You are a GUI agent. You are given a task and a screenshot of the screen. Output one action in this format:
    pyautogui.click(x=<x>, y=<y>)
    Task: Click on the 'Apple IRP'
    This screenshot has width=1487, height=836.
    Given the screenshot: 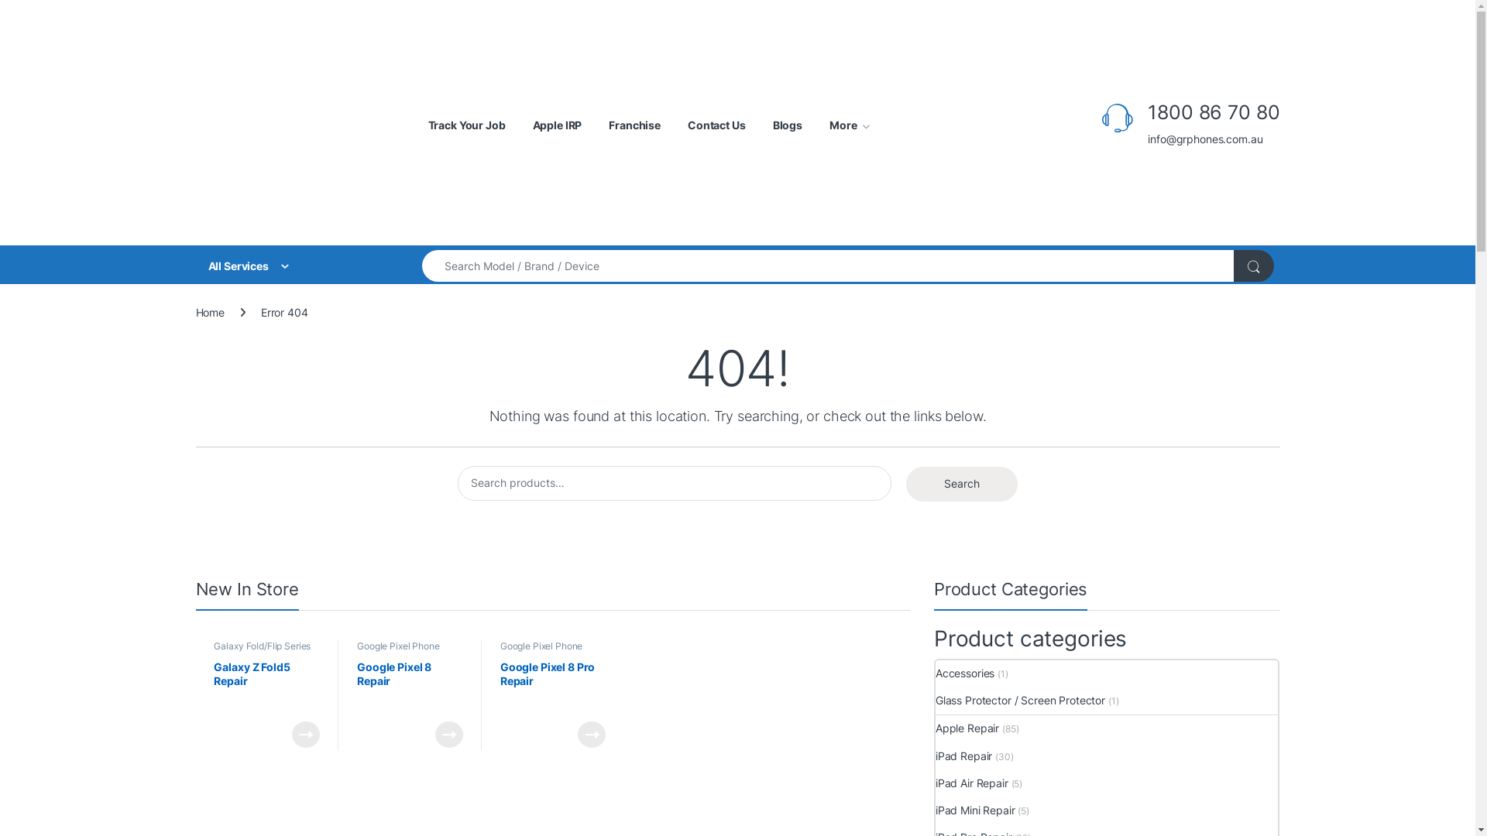 What is the action you would take?
    pyautogui.click(x=558, y=125)
    